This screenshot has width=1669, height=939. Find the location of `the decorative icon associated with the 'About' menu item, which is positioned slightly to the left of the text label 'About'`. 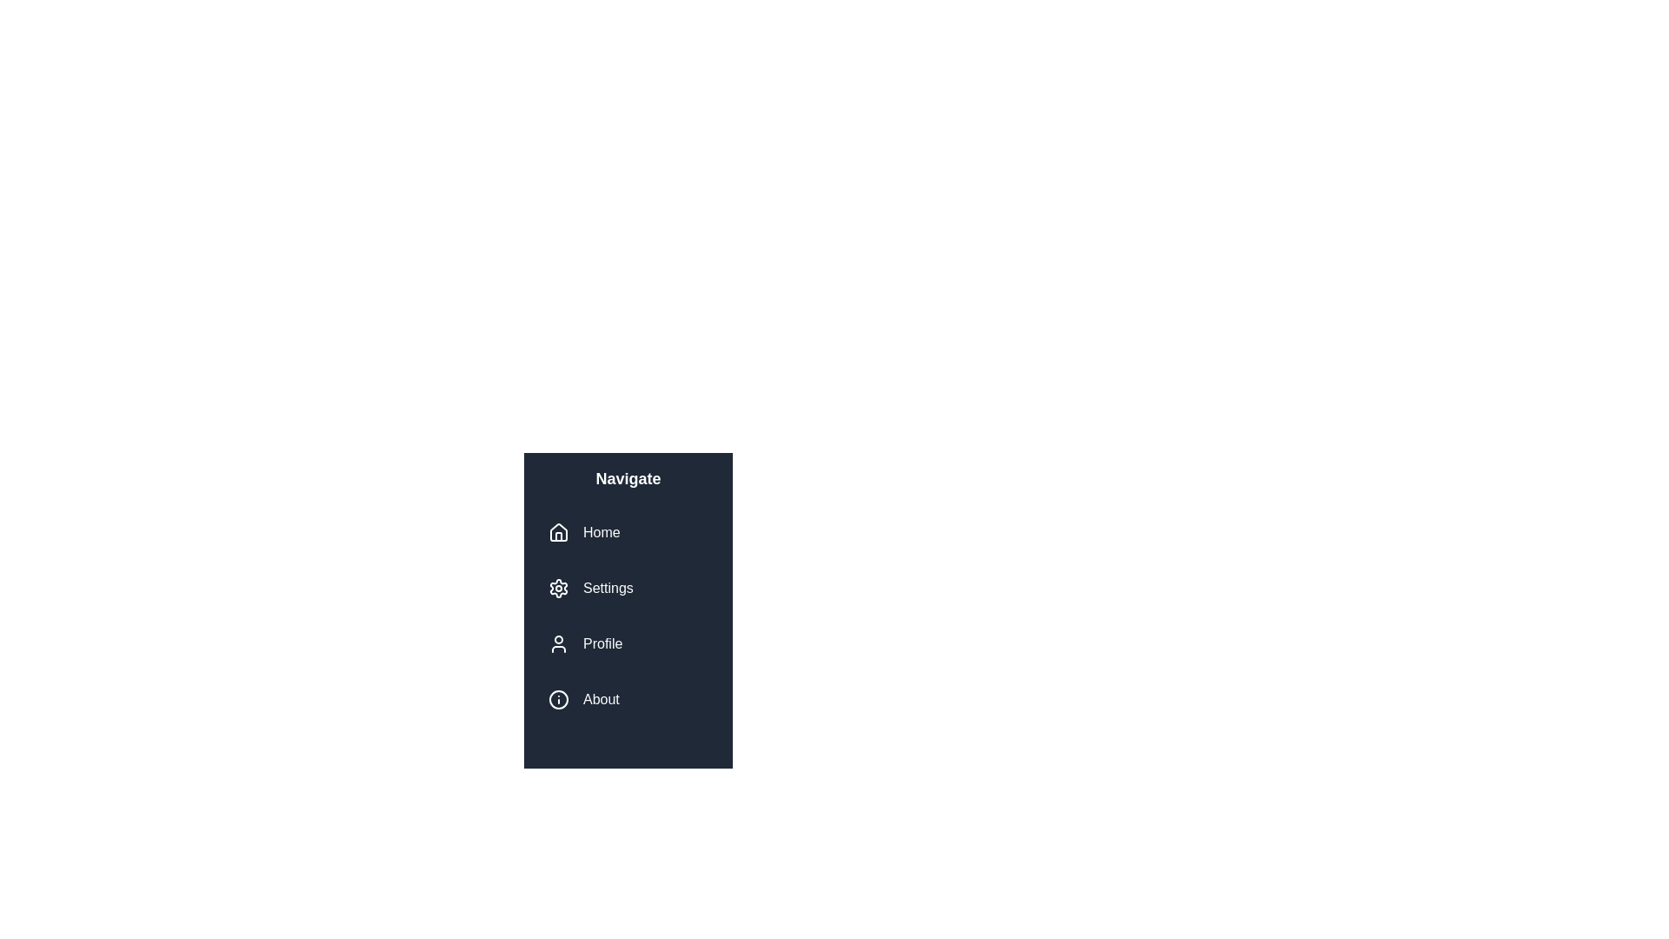

the decorative icon associated with the 'About' menu item, which is positioned slightly to the left of the text label 'About' is located at coordinates (559, 699).